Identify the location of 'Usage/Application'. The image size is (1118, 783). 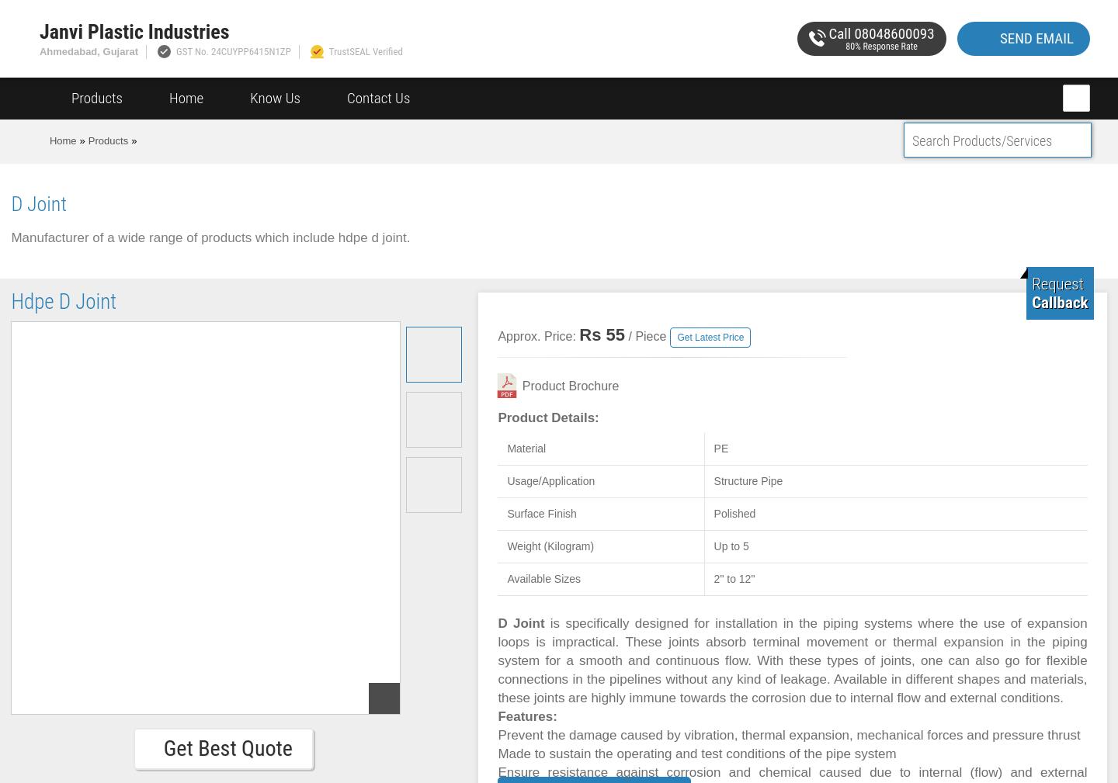
(550, 481).